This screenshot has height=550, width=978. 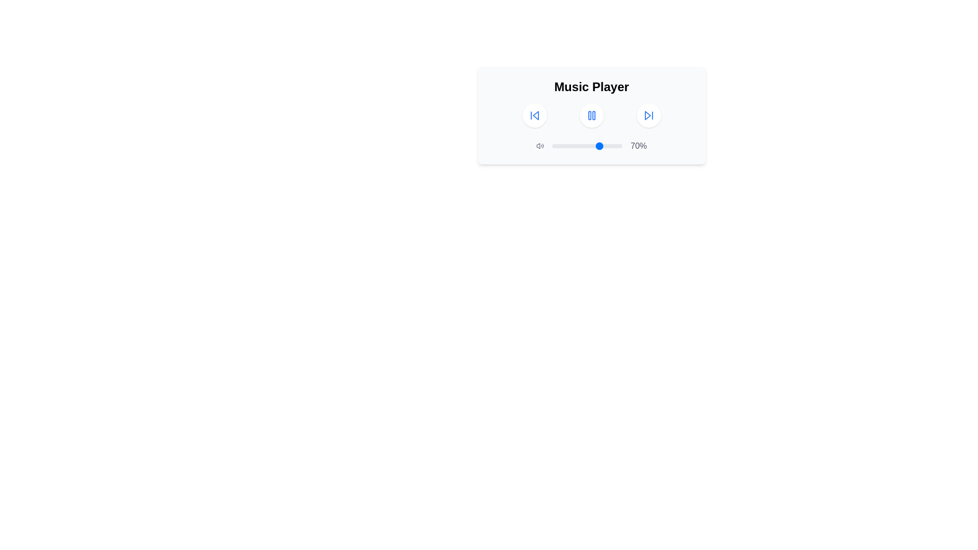 What do you see at coordinates (648, 115) in the screenshot?
I see `the 'Skip Forward' button, which is a circular button with a blue outline and a white background containing a triangular play symbol pointing right, located in the top-right corner of the music player interface` at bounding box center [648, 115].